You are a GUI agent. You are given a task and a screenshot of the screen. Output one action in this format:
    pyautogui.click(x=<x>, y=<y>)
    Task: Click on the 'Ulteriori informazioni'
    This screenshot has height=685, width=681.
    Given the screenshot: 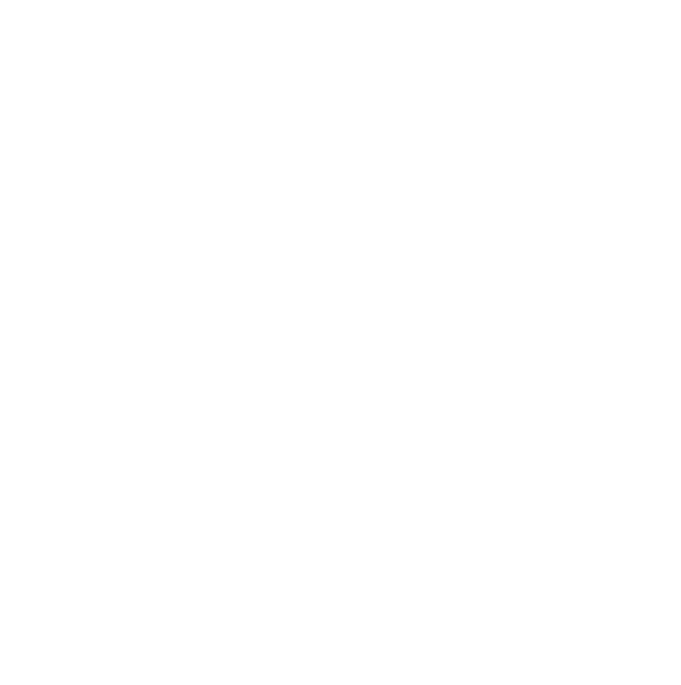 What is the action you would take?
    pyautogui.click(x=170, y=125)
    